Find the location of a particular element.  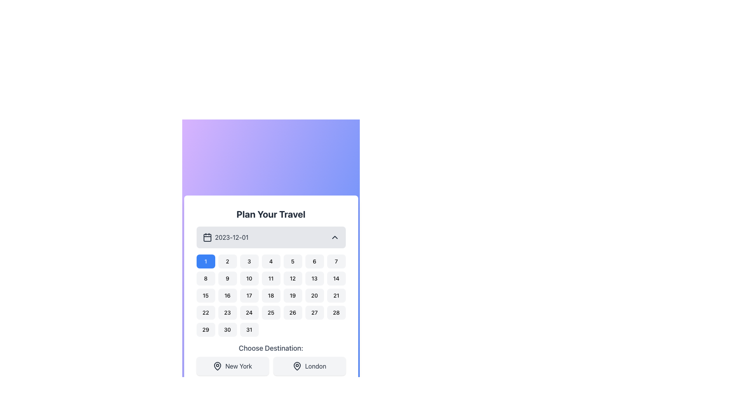

the interactive button representing the 19th day in the calendar's date grid is located at coordinates (292, 296).